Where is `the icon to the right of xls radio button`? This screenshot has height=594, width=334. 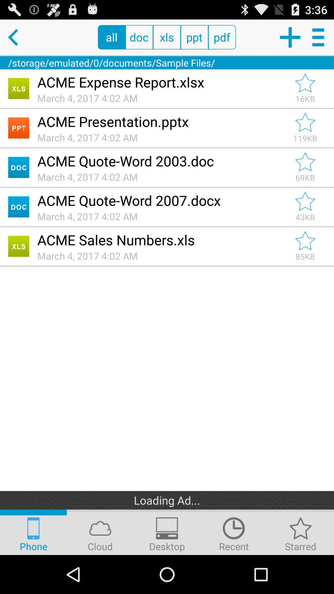
the icon to the right of xls radio button is located at coordinates (194, 37).